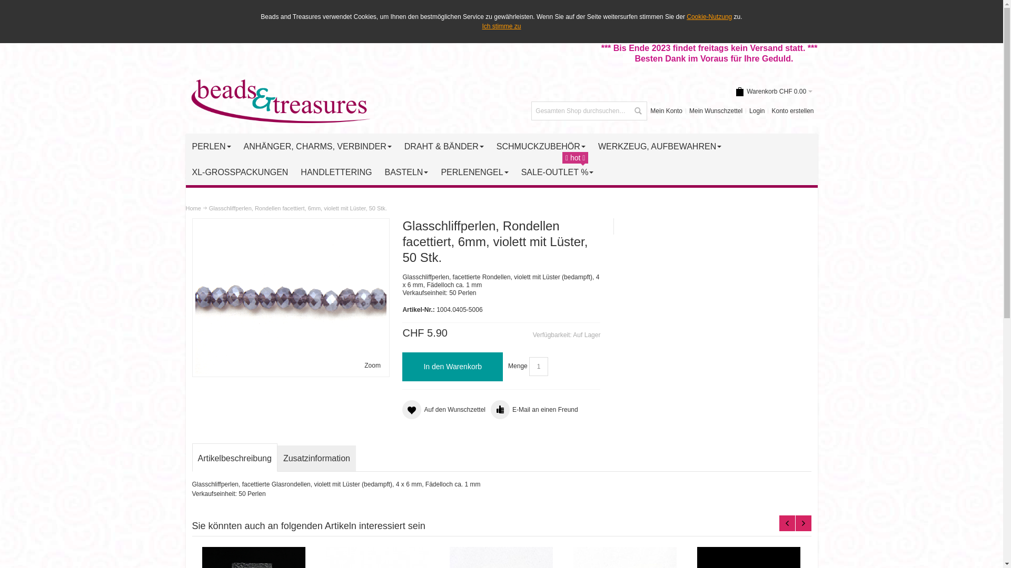  I want to click on 'HANDLETTERING', so click(335, 171).